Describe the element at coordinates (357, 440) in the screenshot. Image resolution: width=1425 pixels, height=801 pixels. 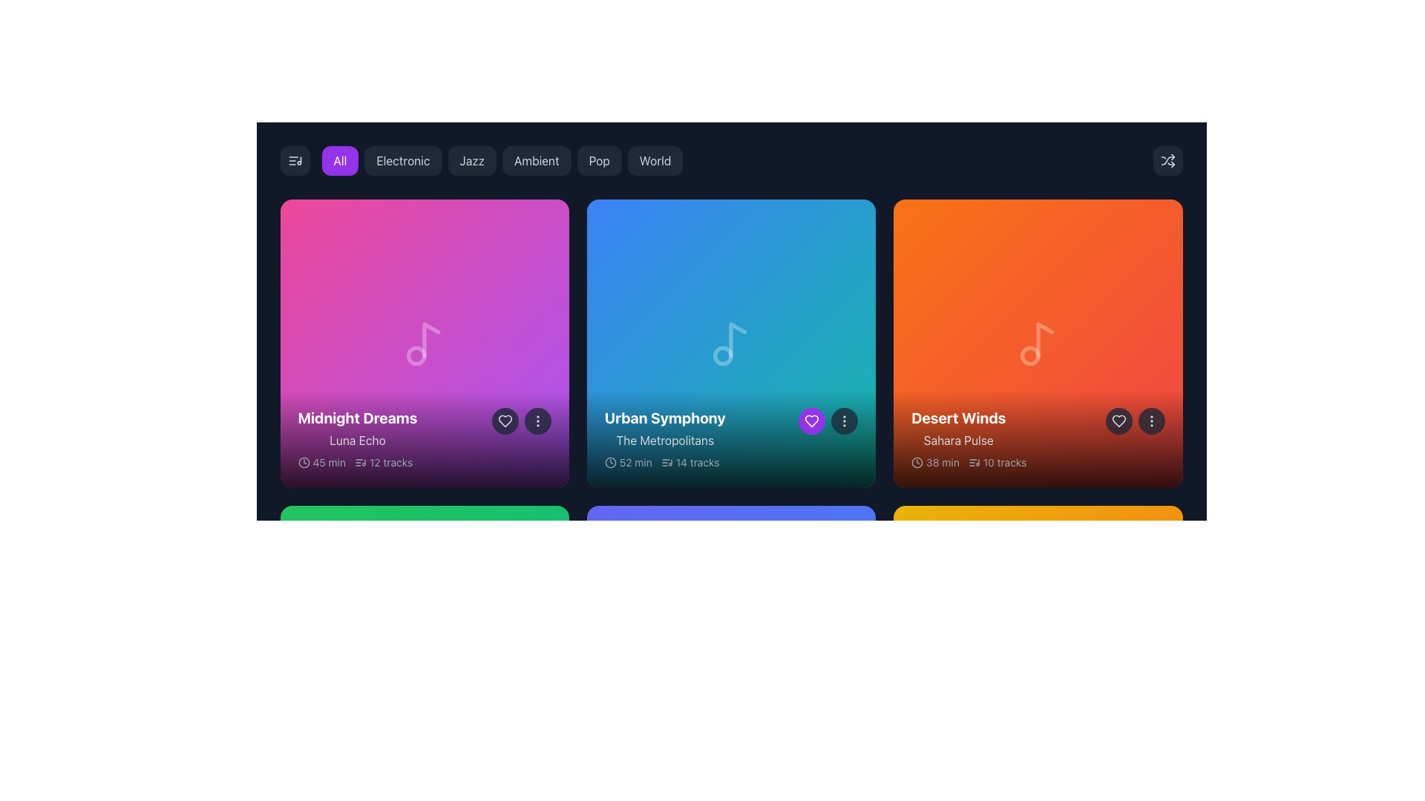
I see `text label displaying 'Luna Echo' styled in light gray color against a purple background, located directly beneath 'Midnight Dreams'` at that location.